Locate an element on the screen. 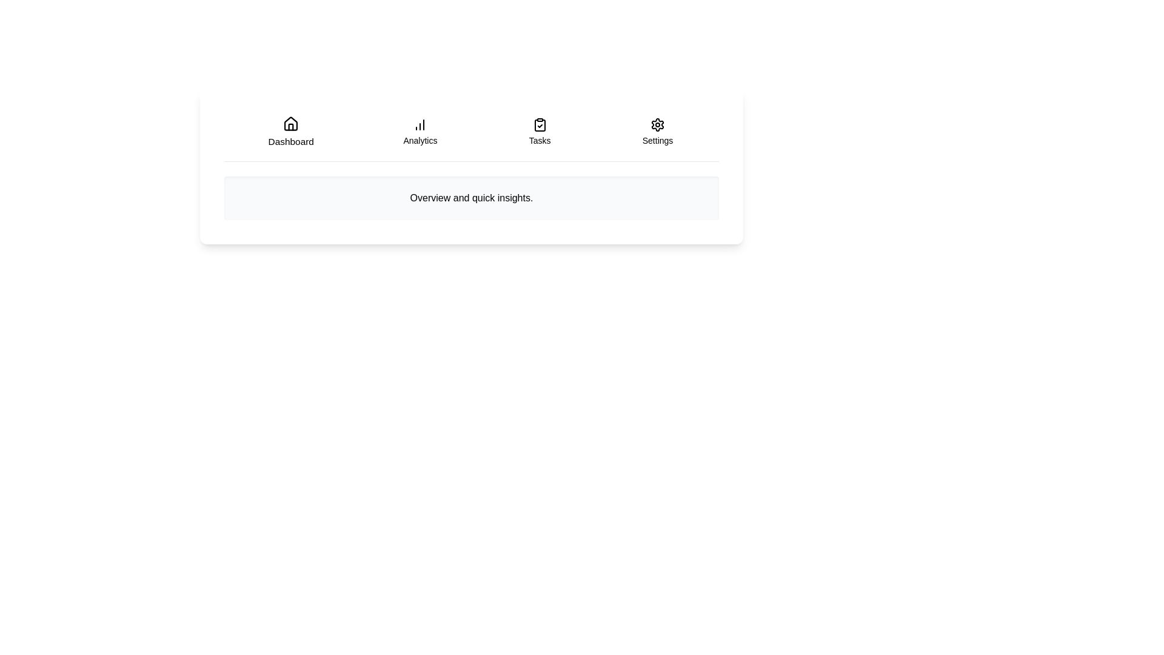 The height and width of the screenshot is (655, 1164). the text element labeled 'Analytics', which is styled in a compact, sans-serif font and positioned below the bar chart icon in the navigation section is located at coordinates (420, 139).